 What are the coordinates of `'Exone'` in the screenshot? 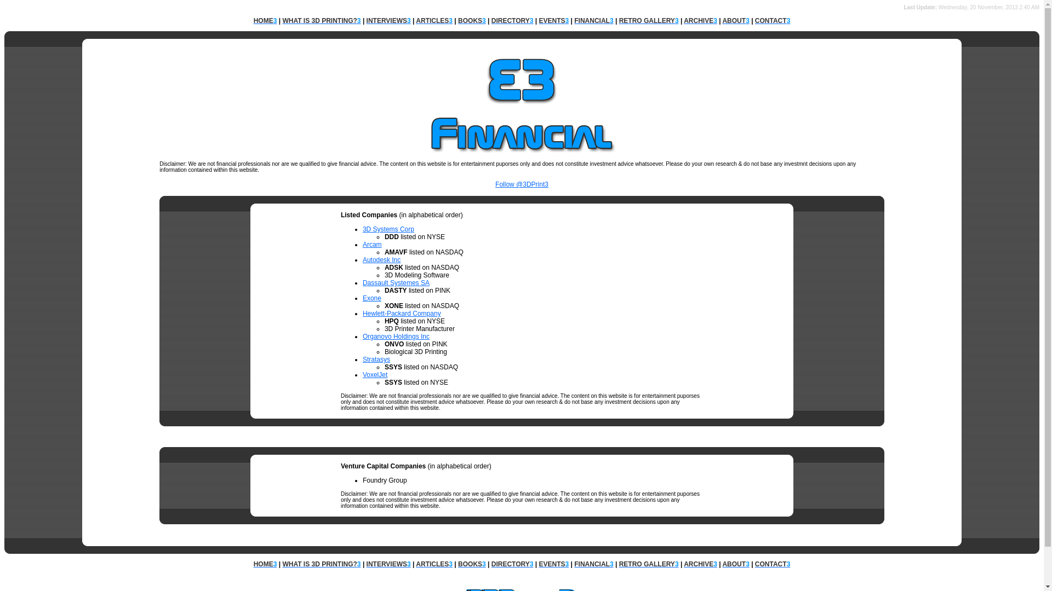 It's located at (363, 298).